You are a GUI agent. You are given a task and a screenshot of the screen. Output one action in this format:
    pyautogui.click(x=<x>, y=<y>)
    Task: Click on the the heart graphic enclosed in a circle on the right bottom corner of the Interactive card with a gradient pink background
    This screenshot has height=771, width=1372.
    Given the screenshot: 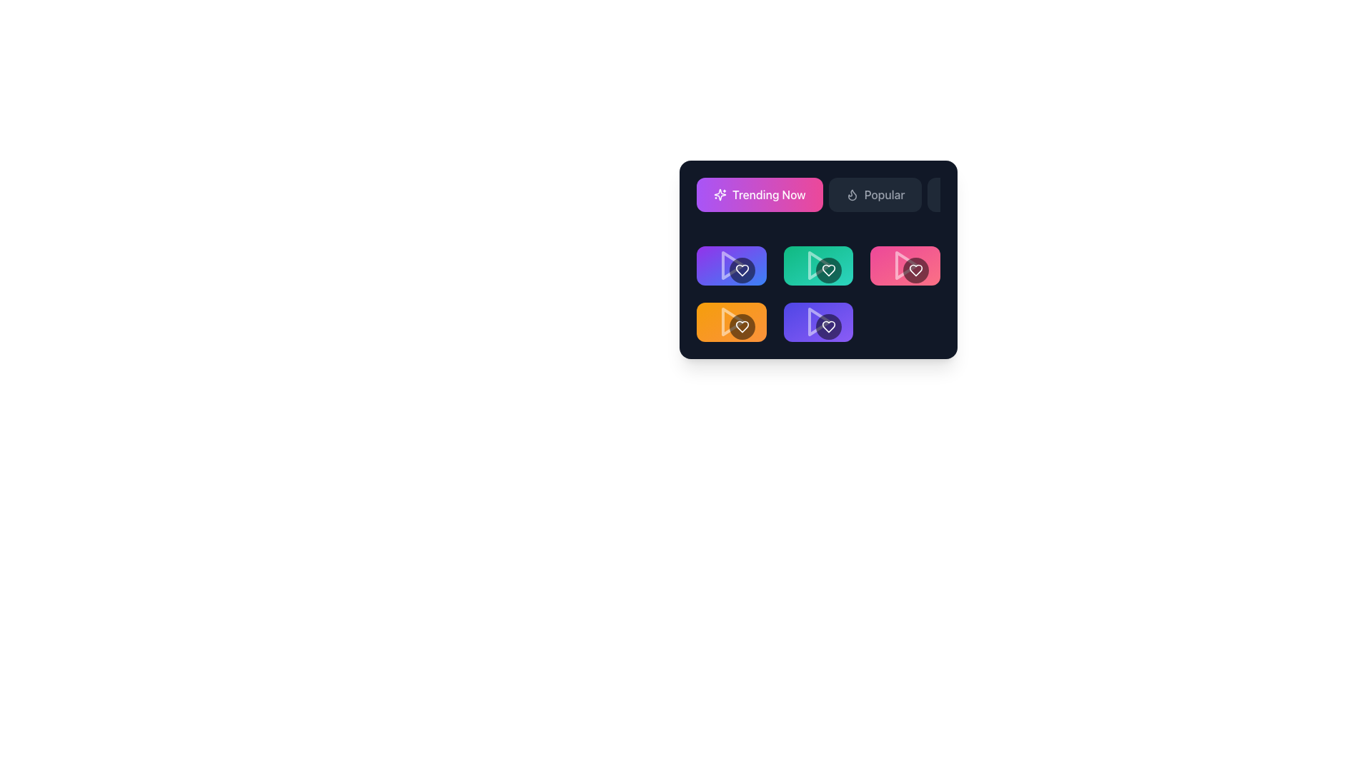 What is the action you would take?
    pyautogui.click(x=905, y=266)
    